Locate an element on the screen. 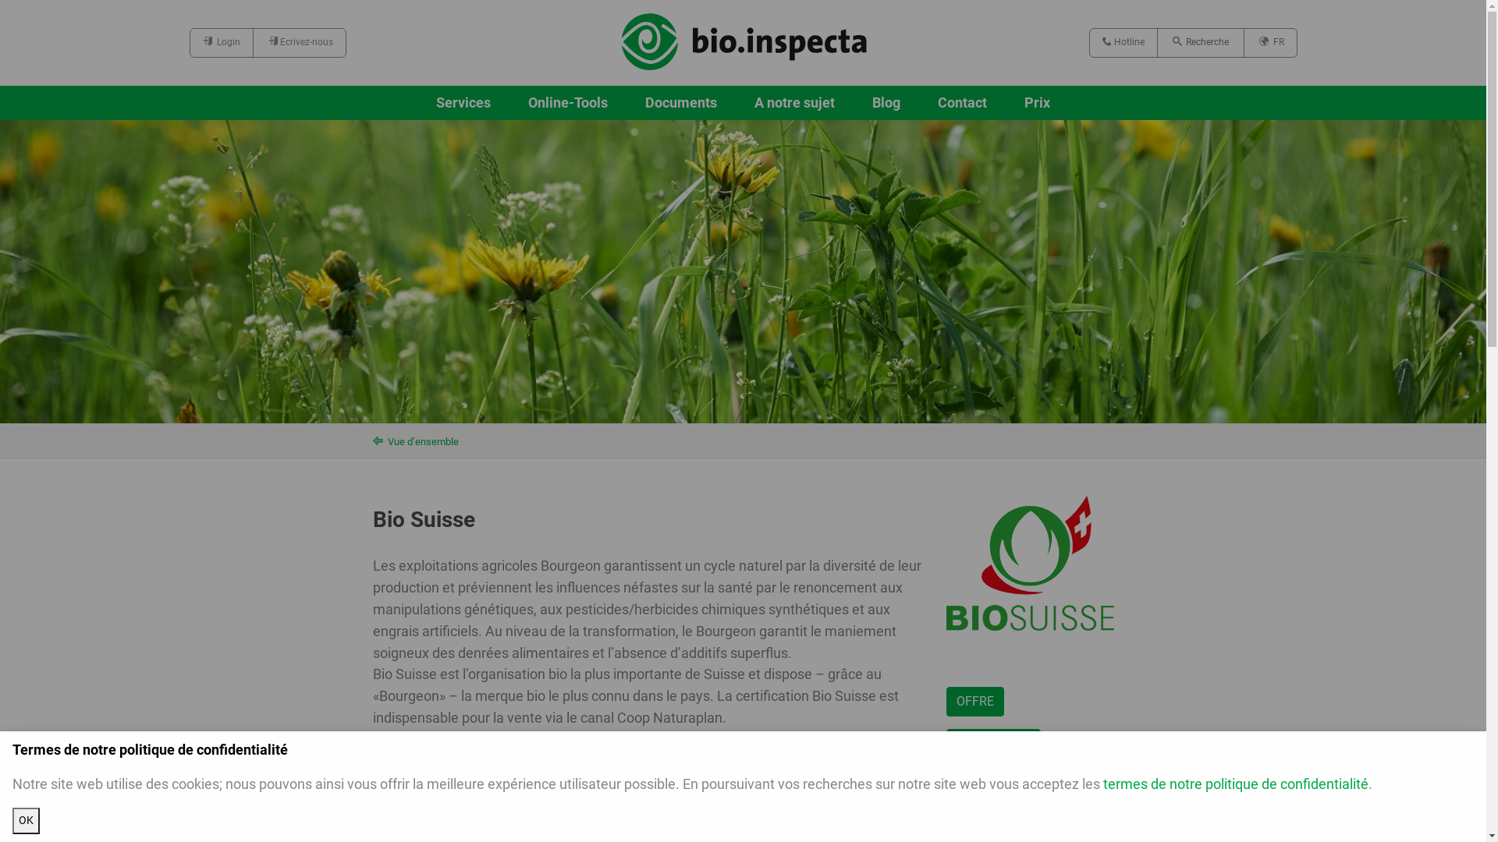 The image size is (1498, 842). 'Online-Tools' is located at coordinates (567, 102).